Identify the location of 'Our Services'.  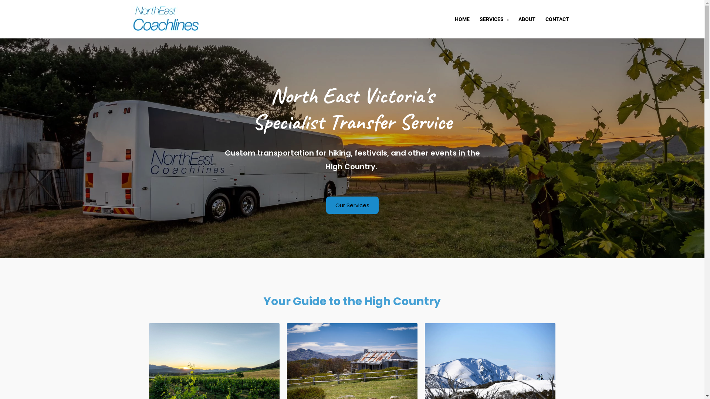
(326, 205).